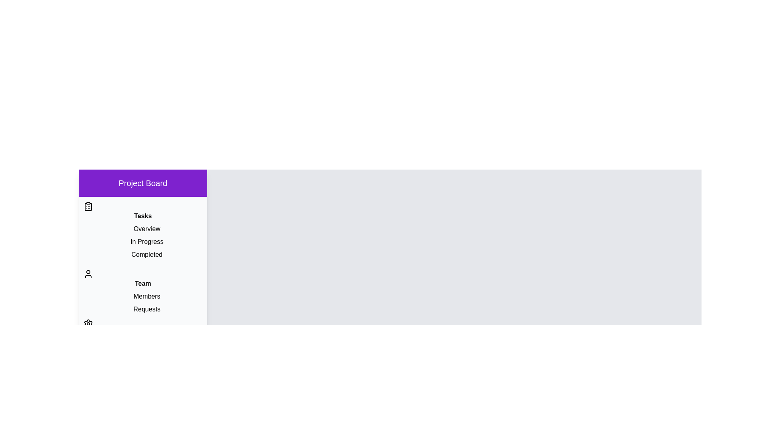  What do you see at coordinates (143, 309) in the screenshot?
I see `the item Requests to observe its hover effect` at bounding box center [143, 309].